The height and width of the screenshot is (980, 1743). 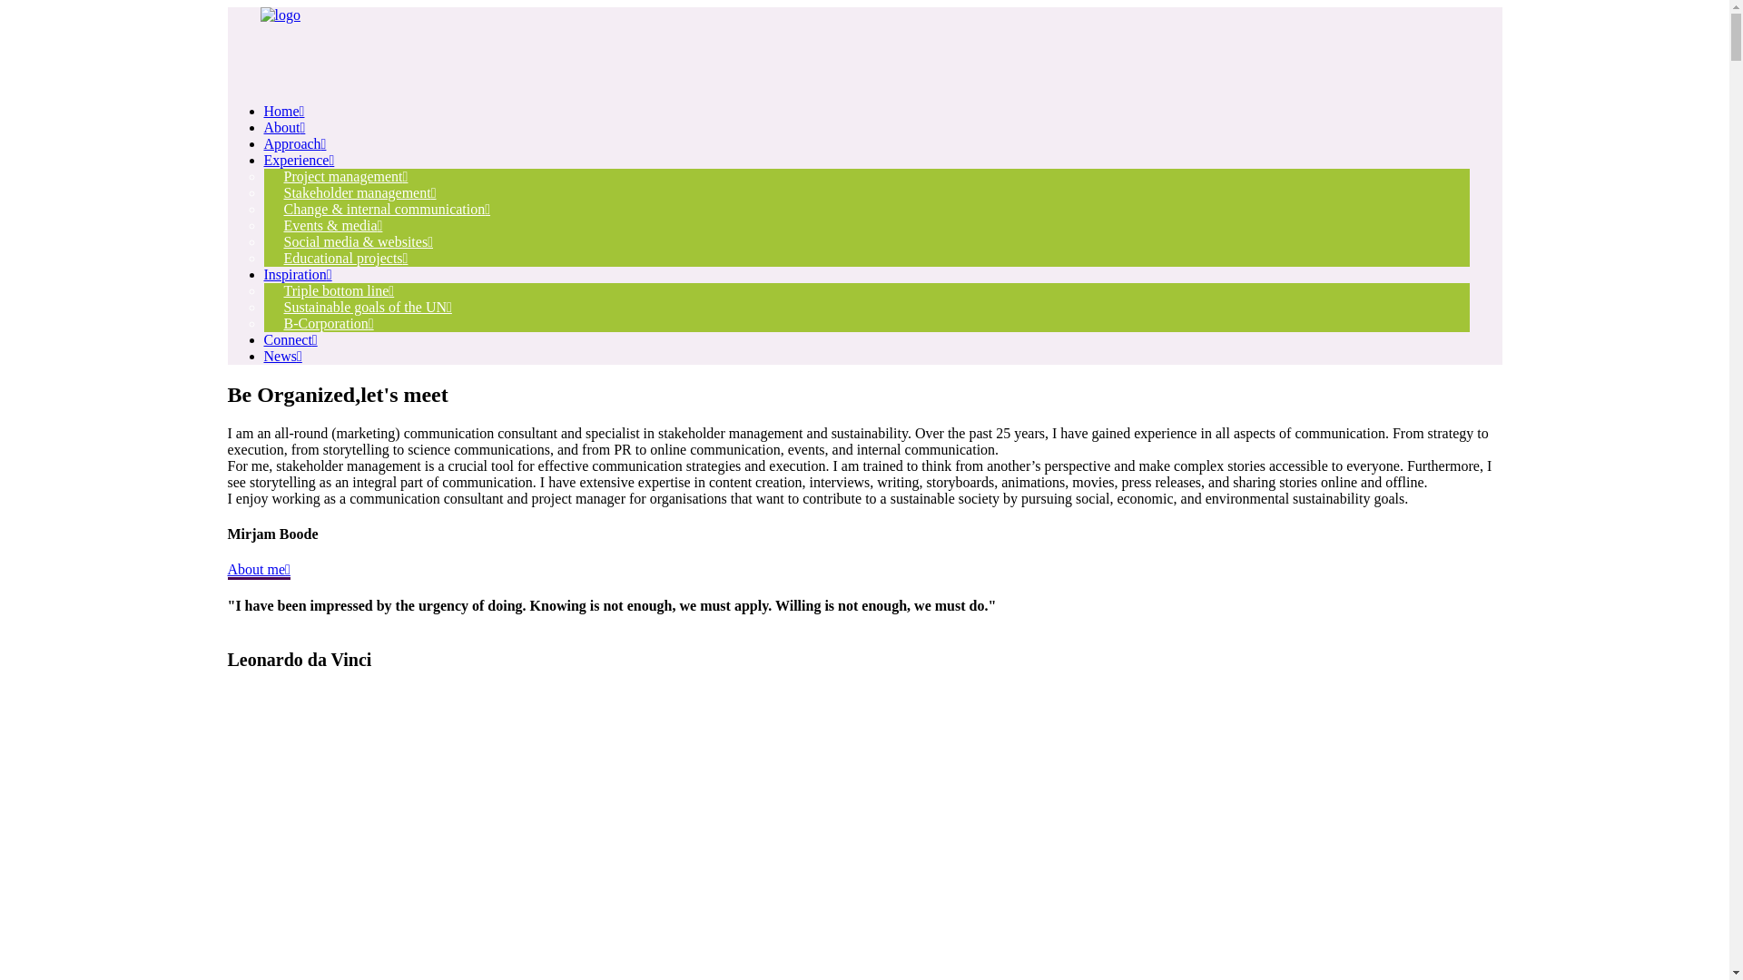 I want to click on 'Educational projects', so click(x=345, y=258).